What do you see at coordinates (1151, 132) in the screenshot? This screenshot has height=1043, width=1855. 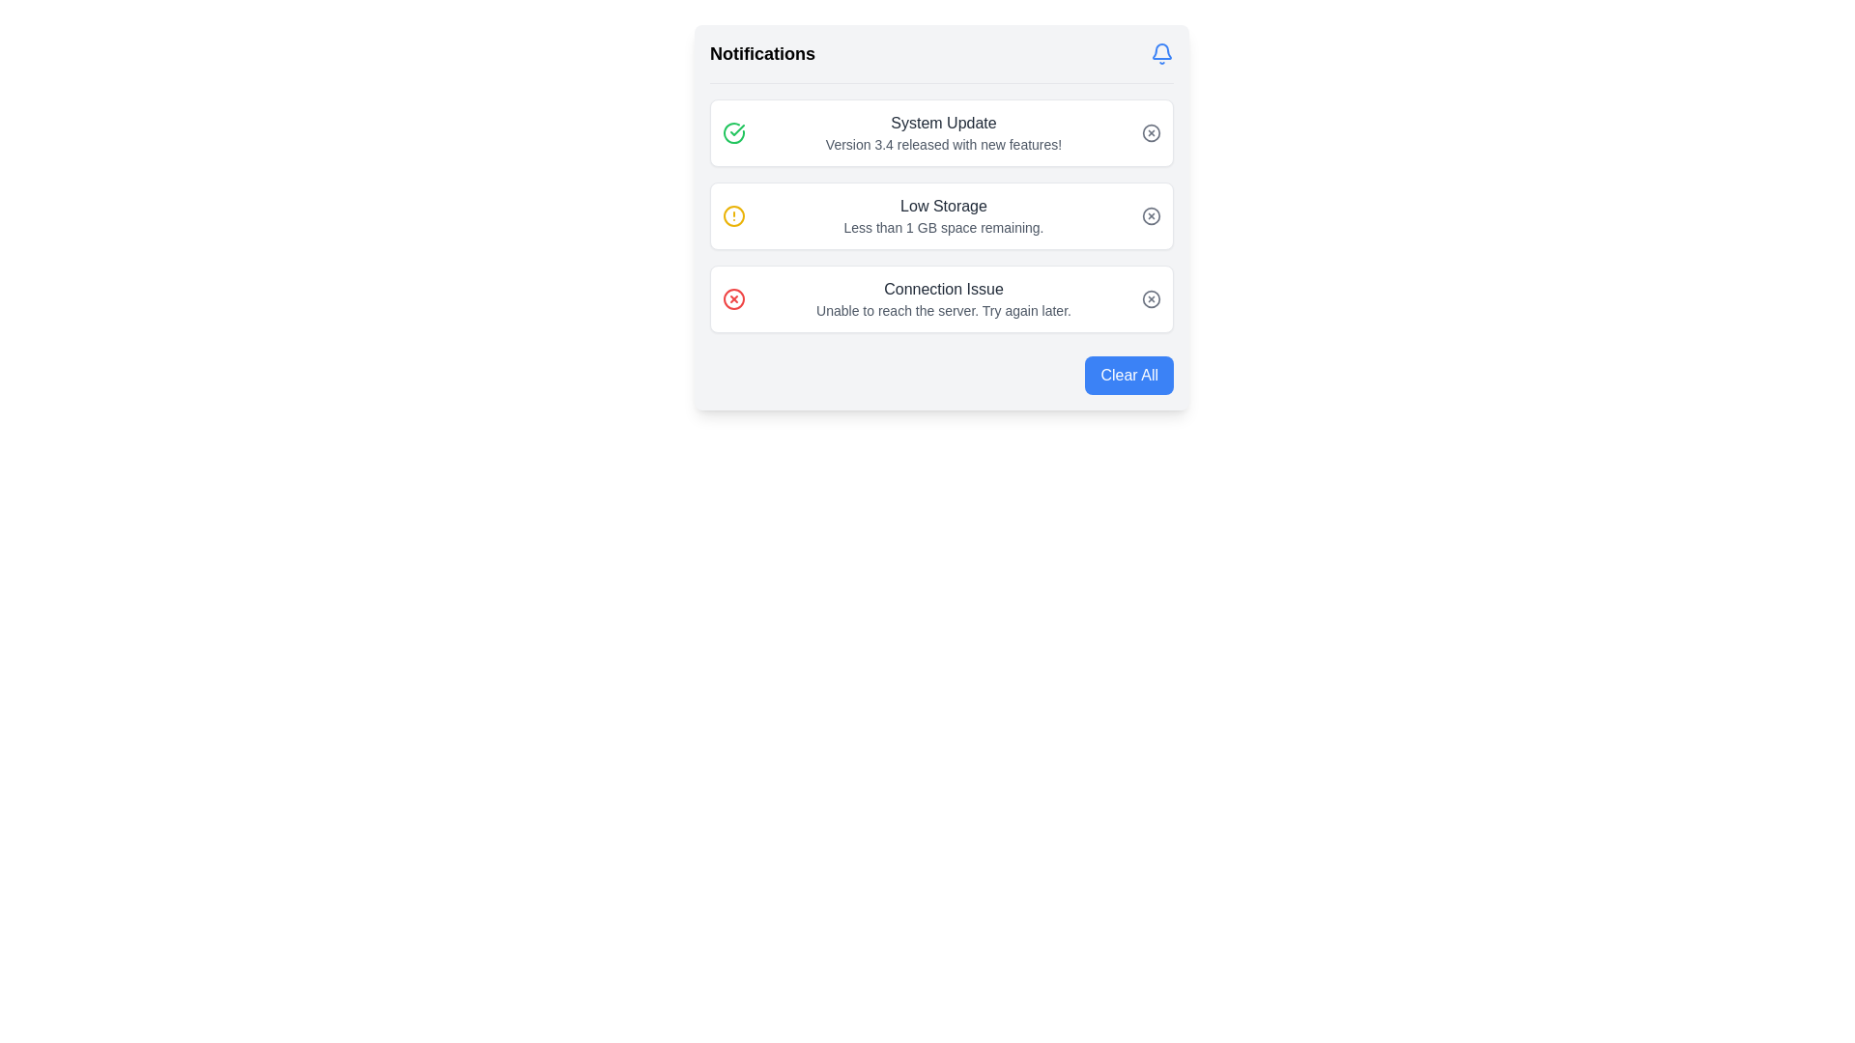 I see `the circular vector graphic located at the center of the notification icon for the 'System Update' notification on the right-hand side of the first notification row` at bounding box center [1151, 132].